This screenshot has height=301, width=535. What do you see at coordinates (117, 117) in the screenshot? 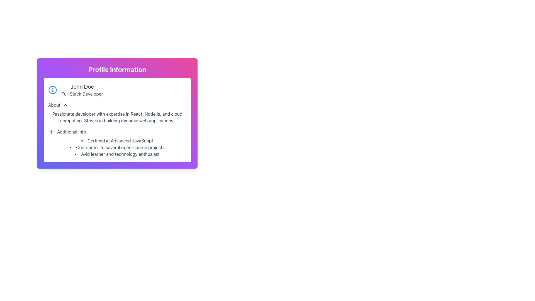
I see `the static text block that provides descriptive information about an individual's professional expertise and skills, located directly below the 'About' heading in the 'Profile Information' section` at bounding box center [117, 117].